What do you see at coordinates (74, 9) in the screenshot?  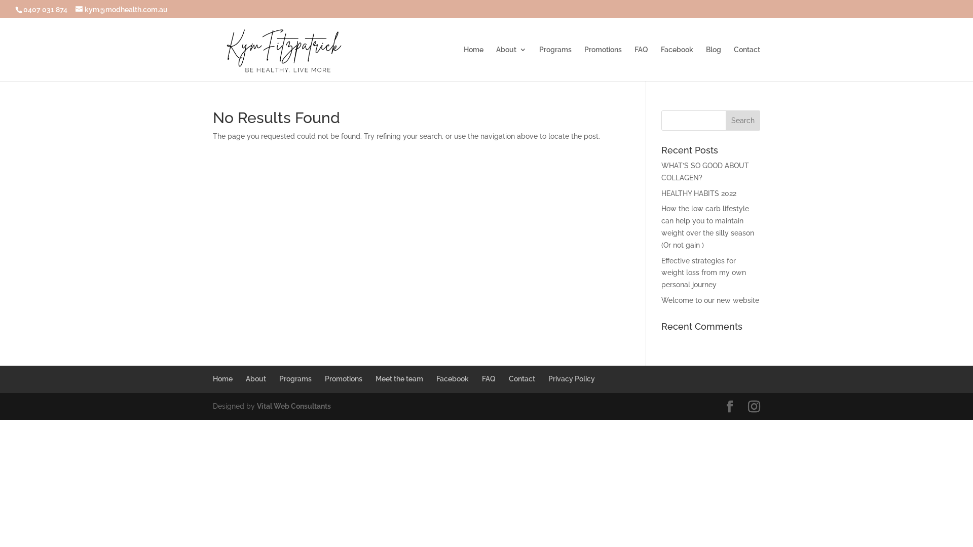 I see `'kym@modhealth.com.au'` at bounding box center [74, 9].